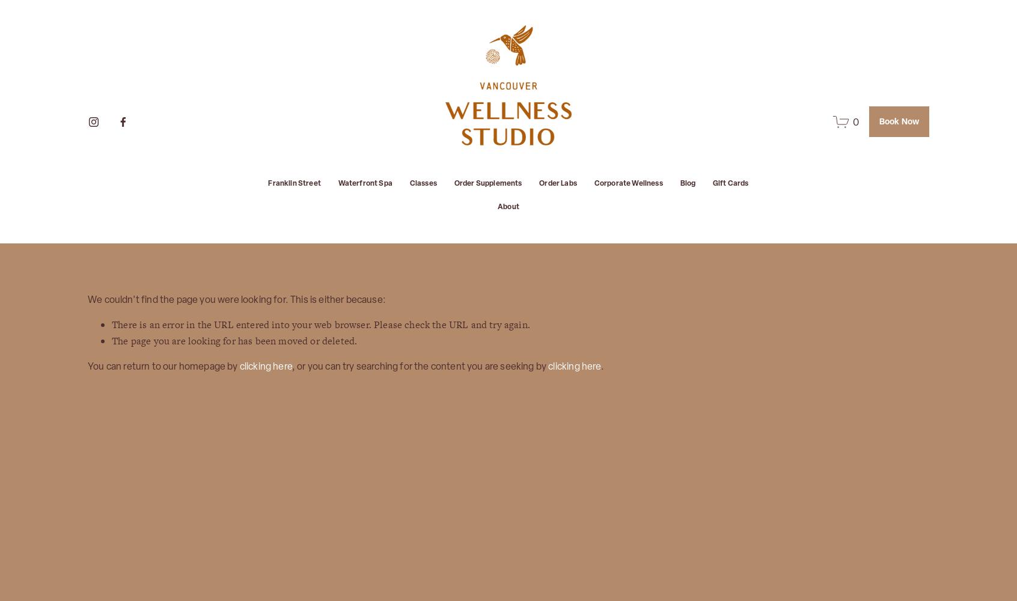 The height and width of the screenshot is (601, 1017). What do you see at coordinates (855, 121) in the screenshot?
I see `'0'` at bounding box center [855, 121].